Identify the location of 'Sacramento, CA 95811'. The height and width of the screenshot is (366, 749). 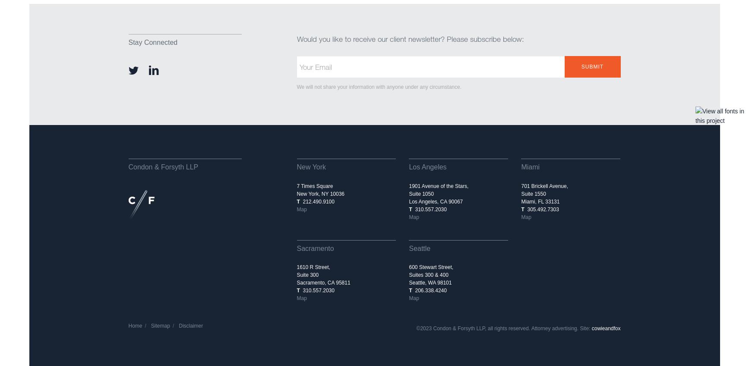
(323, 283).